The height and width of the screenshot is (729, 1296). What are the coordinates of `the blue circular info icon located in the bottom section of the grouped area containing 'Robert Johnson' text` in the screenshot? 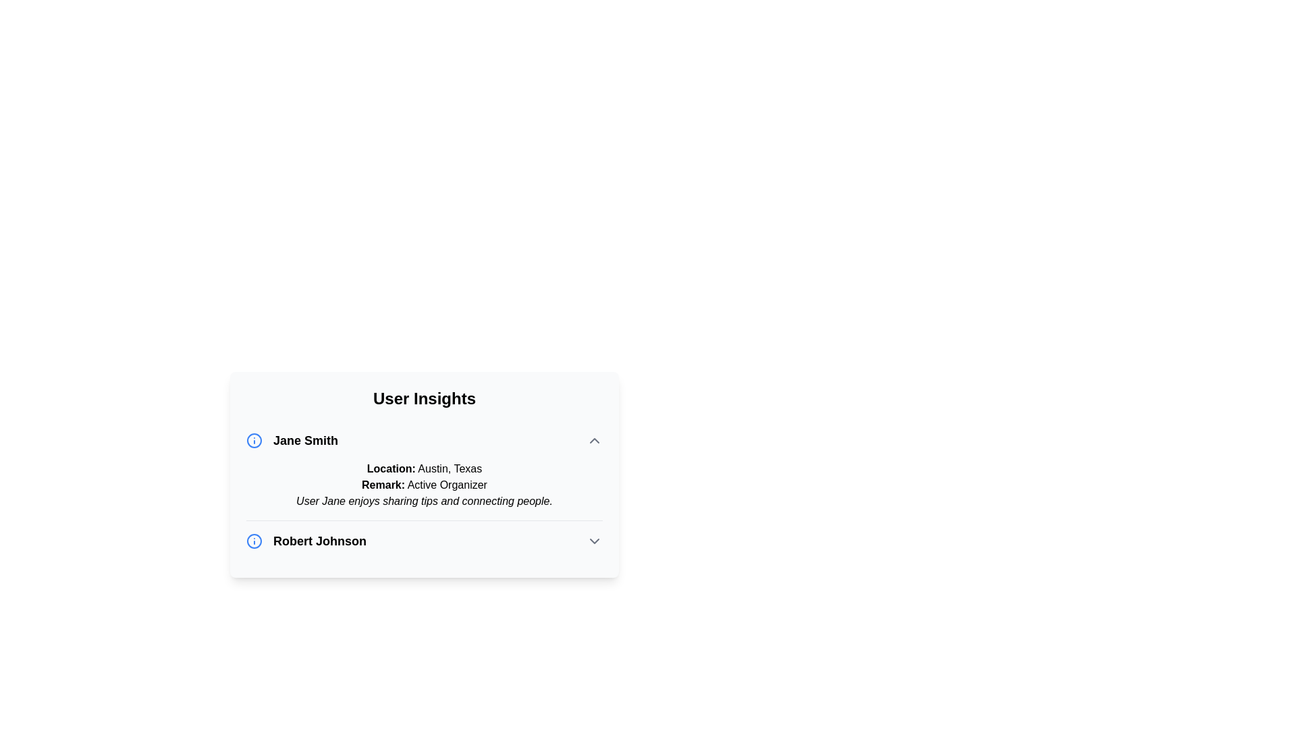 It's located at (254, 541).